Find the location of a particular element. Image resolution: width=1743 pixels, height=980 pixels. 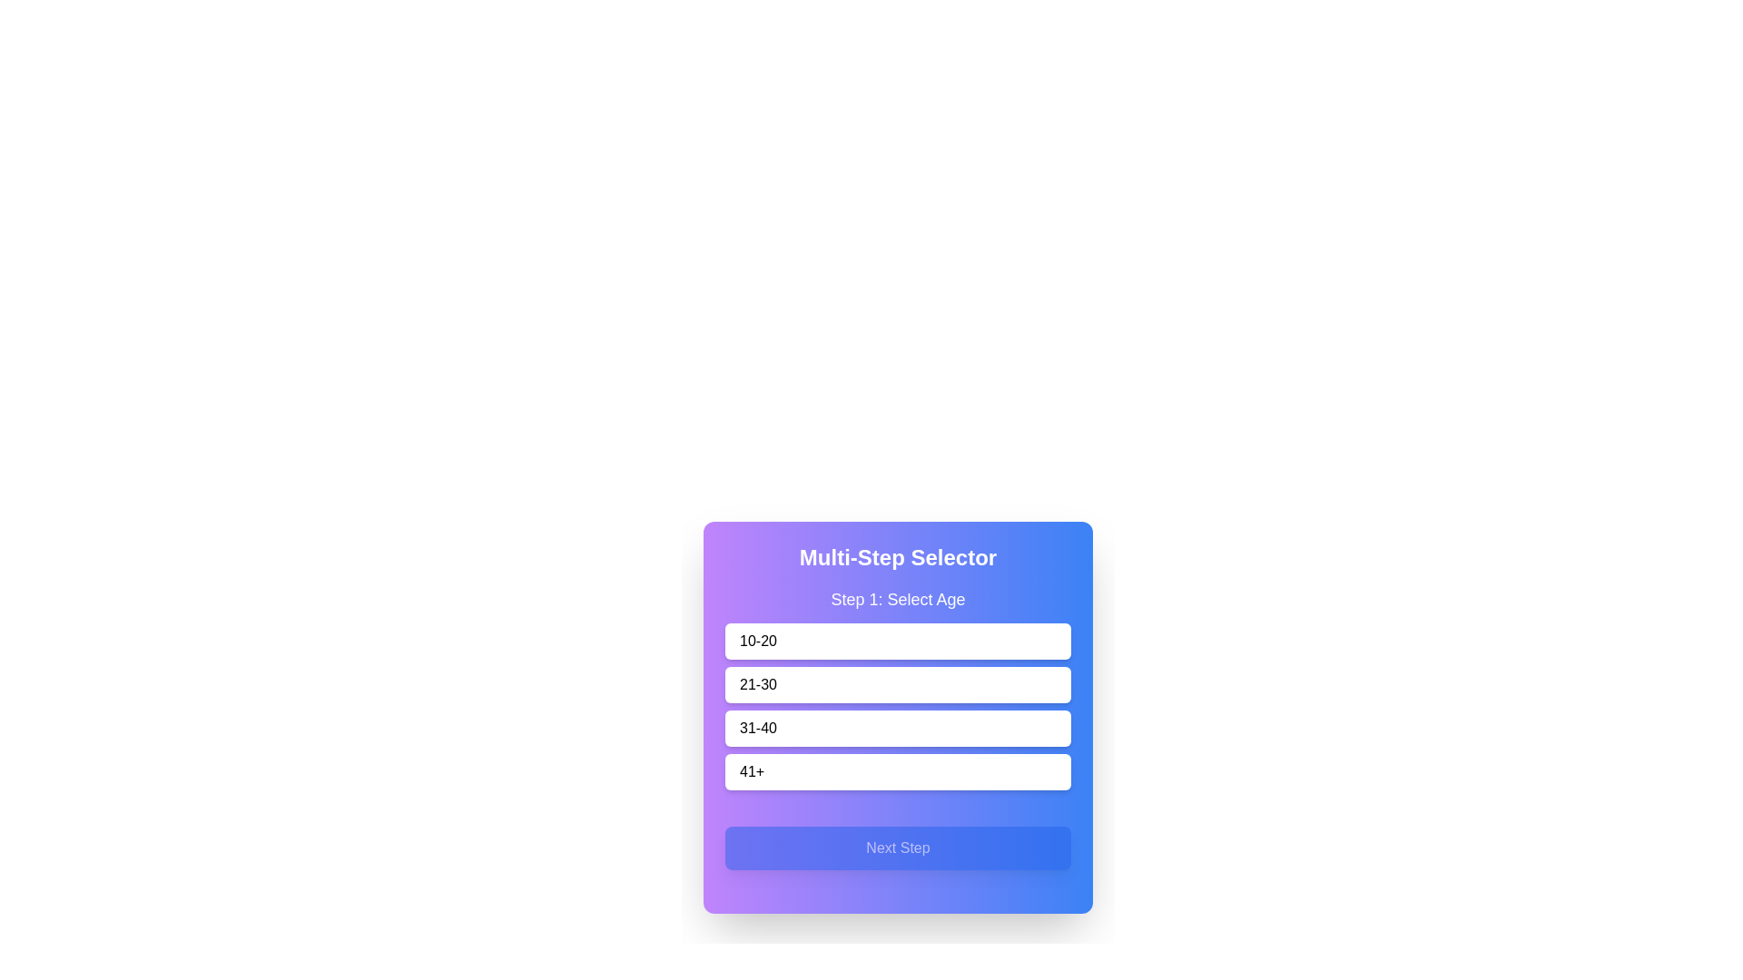

the selectable button labeled '31-40' is located at coordinates (898, 720).